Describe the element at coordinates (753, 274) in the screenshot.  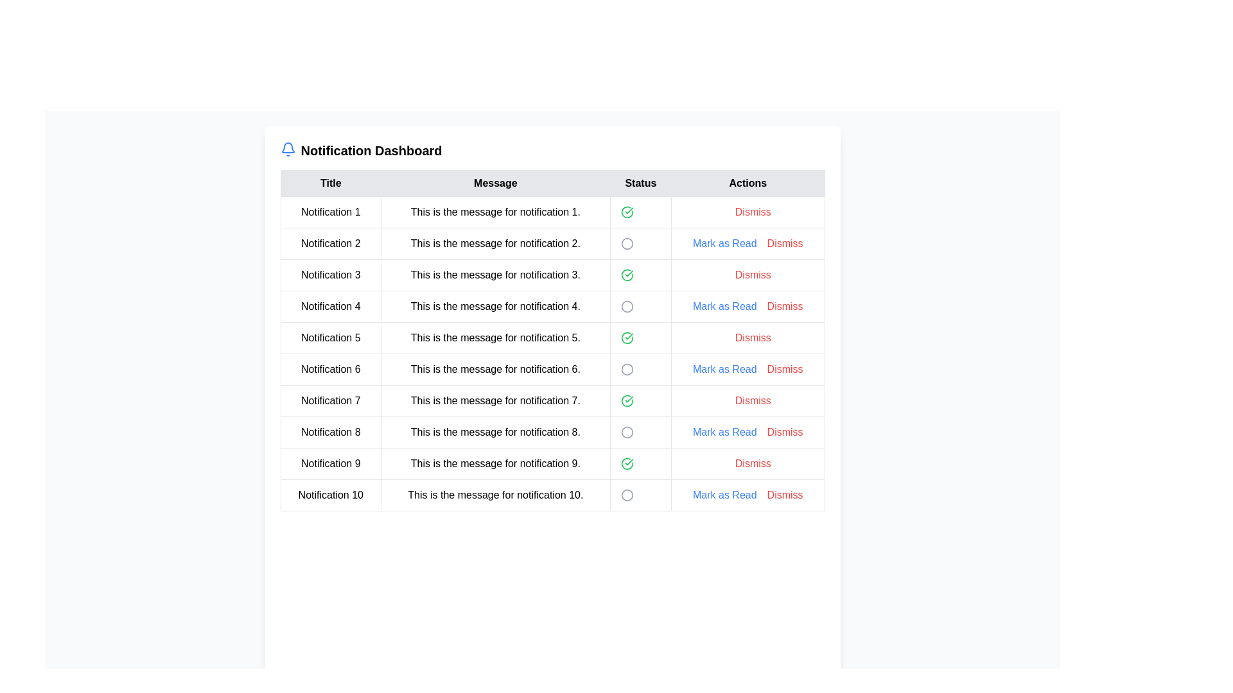
I see `the red underlined text link labeled 'Dismiss'` at that location.